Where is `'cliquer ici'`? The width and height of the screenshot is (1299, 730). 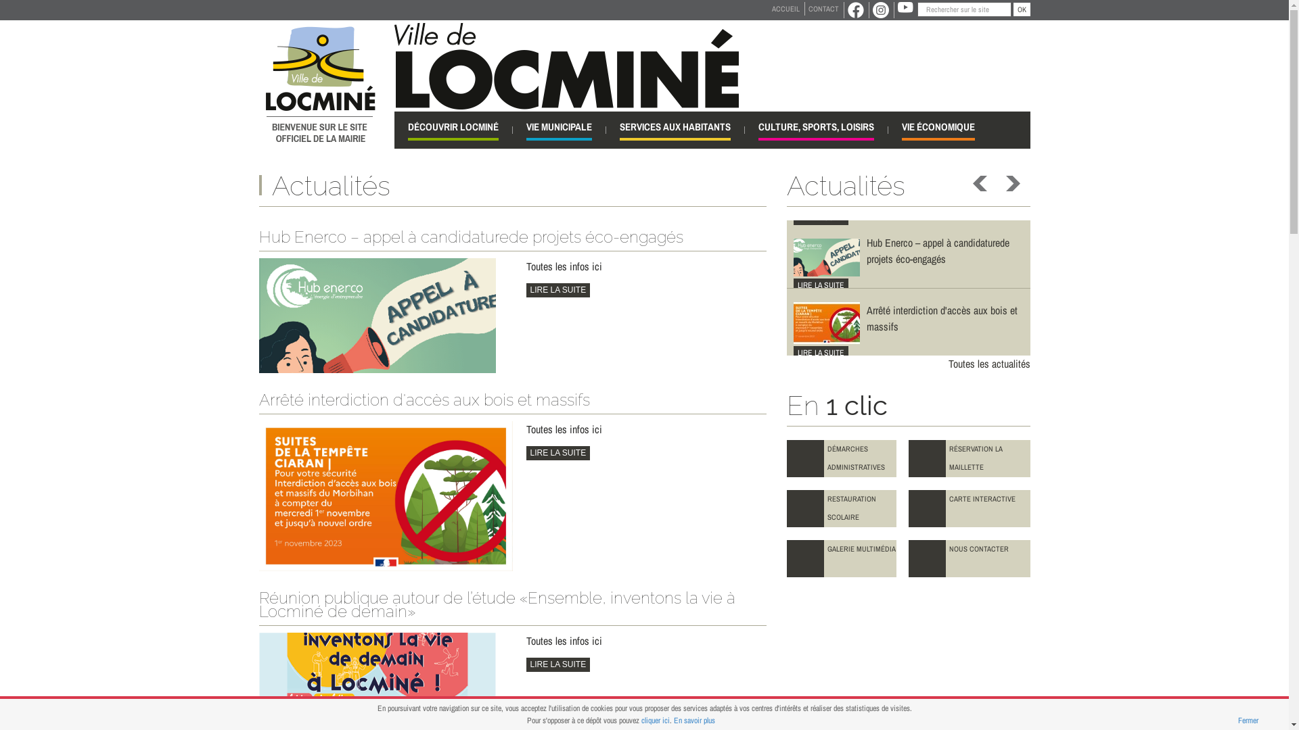
'cliquer ici' is located at coordinates (656, 719).